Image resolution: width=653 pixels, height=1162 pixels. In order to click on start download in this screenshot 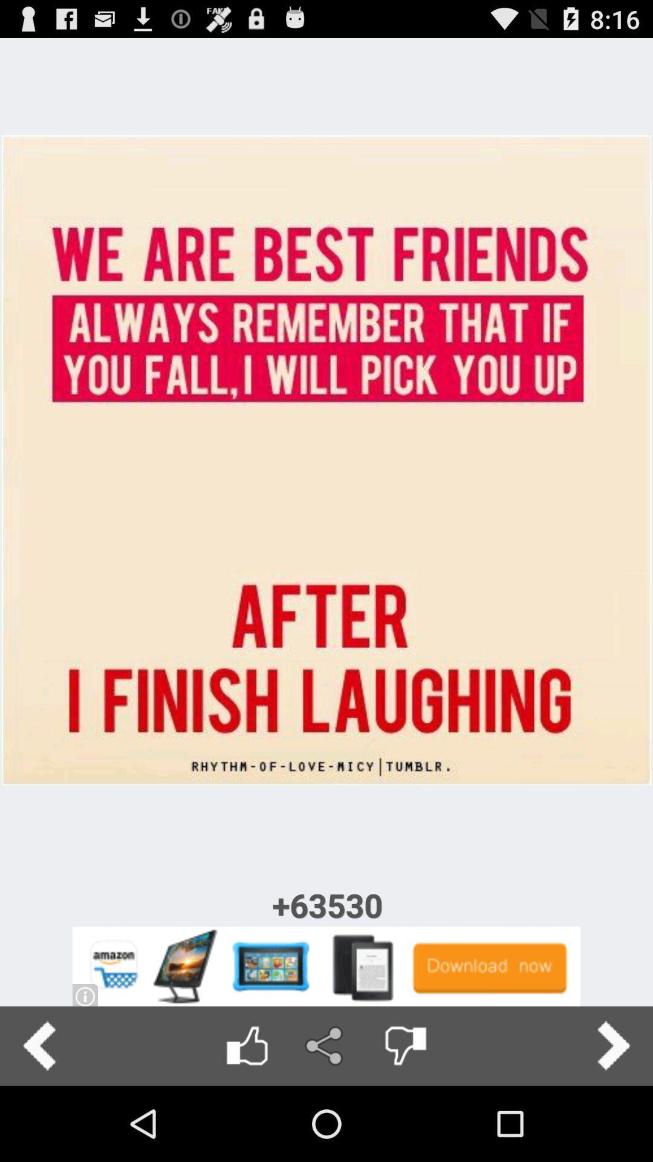, I will do `click(326, 966)`.